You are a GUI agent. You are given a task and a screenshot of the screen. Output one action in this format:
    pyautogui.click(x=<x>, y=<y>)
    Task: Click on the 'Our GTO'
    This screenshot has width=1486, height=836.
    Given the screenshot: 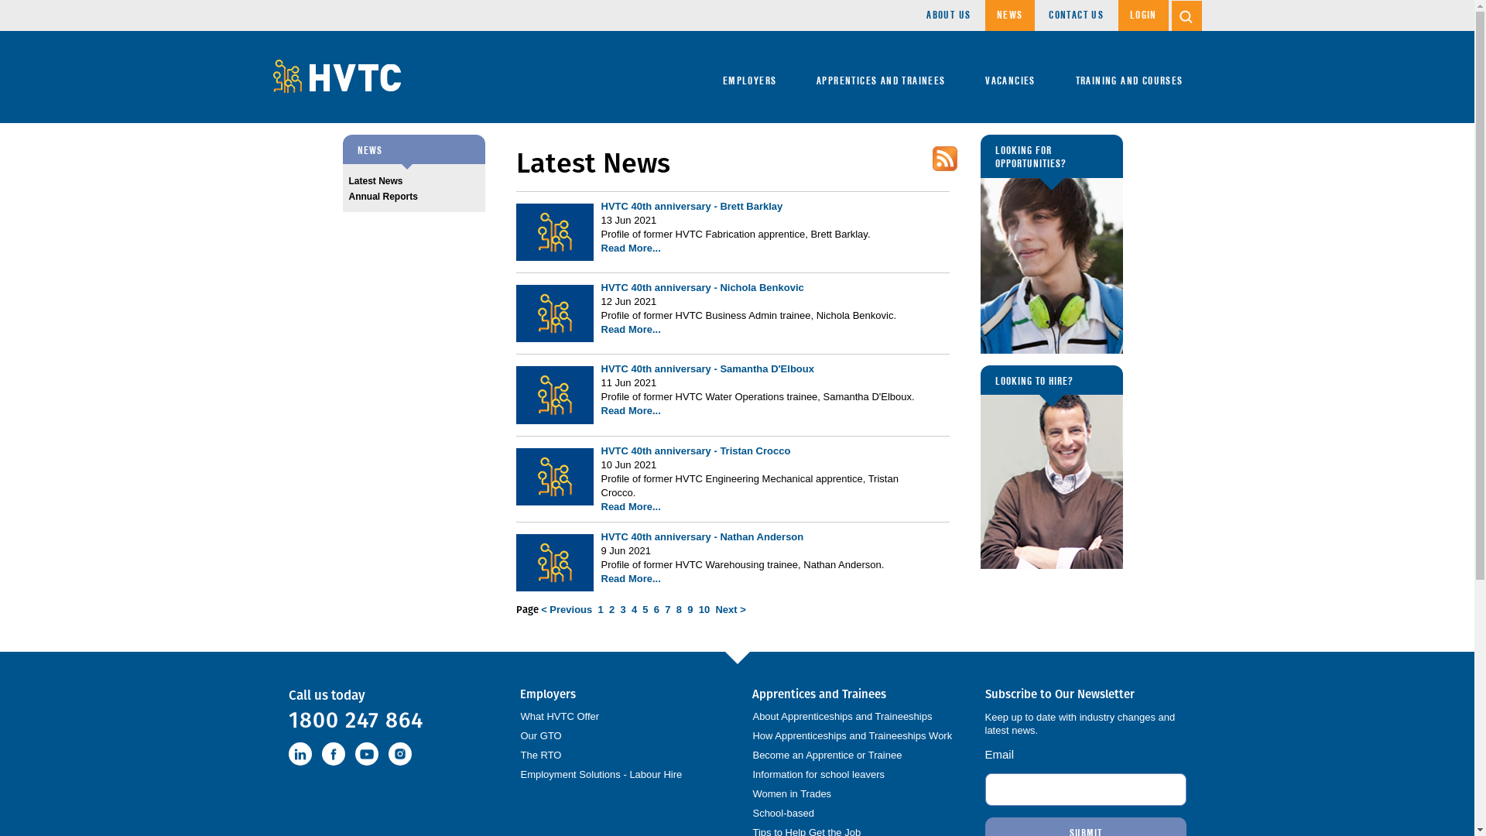 What is the action you would take?
    pyautogui.click(x=520, y=735)
    